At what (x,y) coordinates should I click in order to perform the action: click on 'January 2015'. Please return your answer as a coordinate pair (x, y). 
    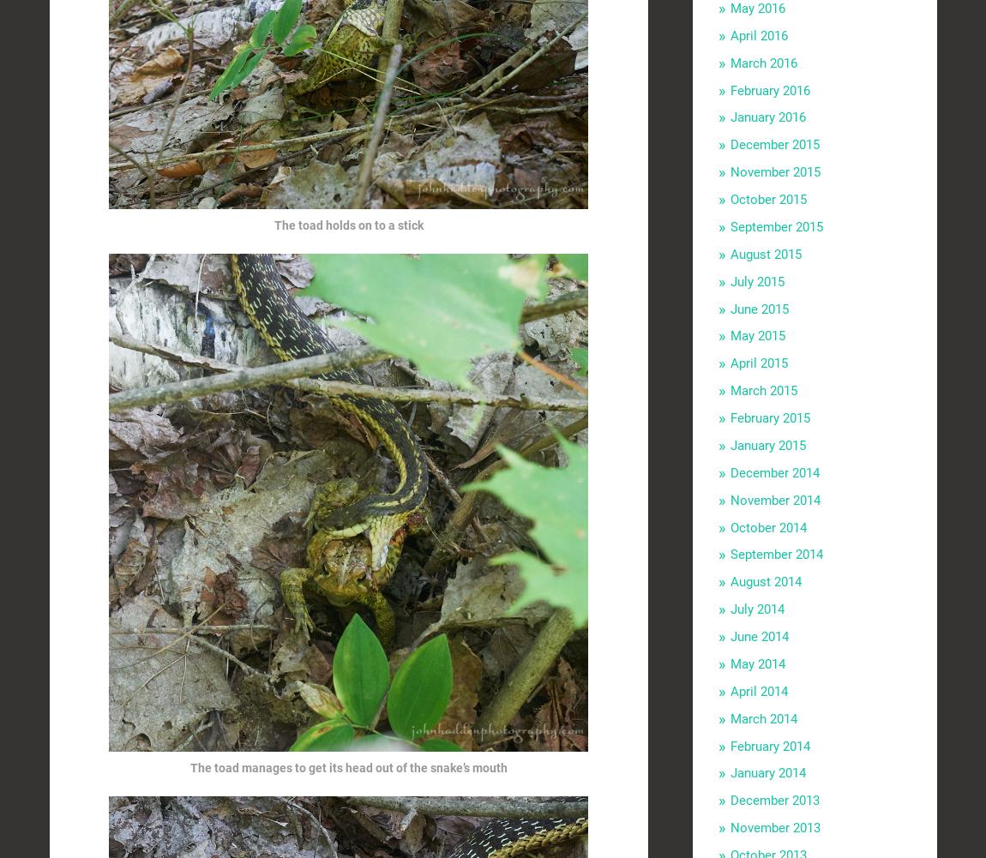
    Looking at the image, I should click on (767, 444).